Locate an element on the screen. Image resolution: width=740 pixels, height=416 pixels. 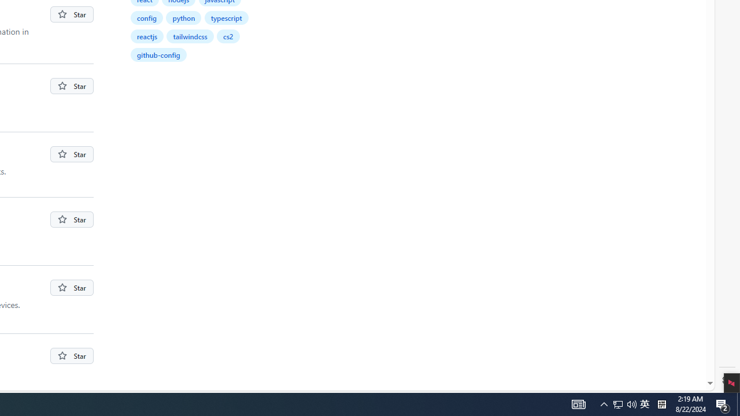
'python' is located at coordinates (183, 17).